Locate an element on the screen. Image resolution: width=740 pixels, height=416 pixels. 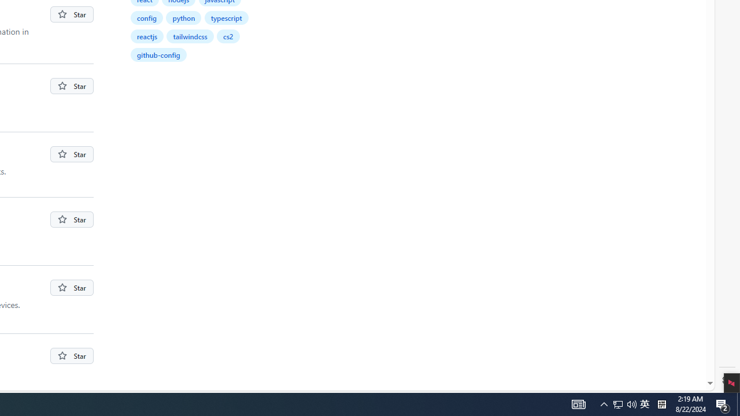
'python' is located at coordinates (183, 17).